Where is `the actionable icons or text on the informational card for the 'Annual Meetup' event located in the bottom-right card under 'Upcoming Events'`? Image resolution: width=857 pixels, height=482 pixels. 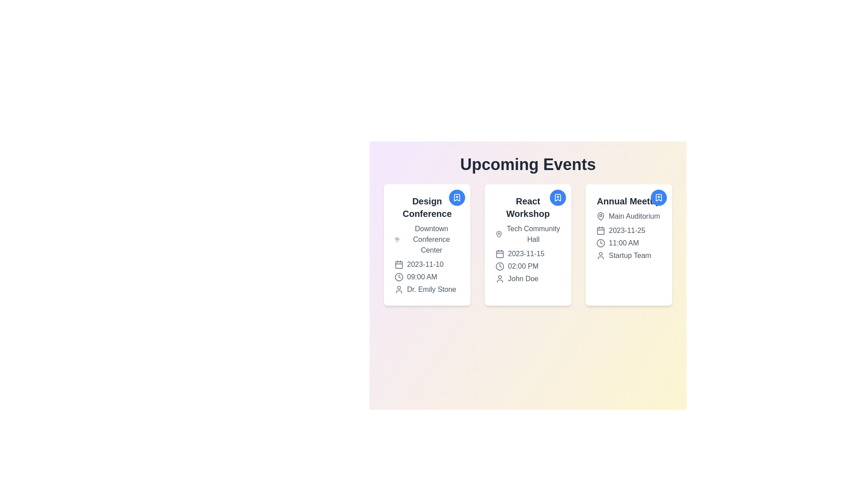
the actionable icons or text on the informational card for the 'Annual Meetup' event located in the bottom-right card under 'Upcoming Events' is located at coordinates (628, 227).